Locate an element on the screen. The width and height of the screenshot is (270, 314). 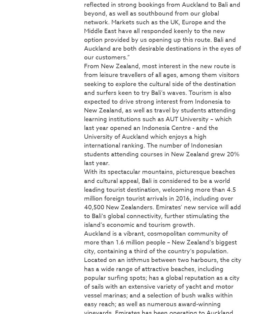
'Popular Topics' is located at coordinates (28, 43).